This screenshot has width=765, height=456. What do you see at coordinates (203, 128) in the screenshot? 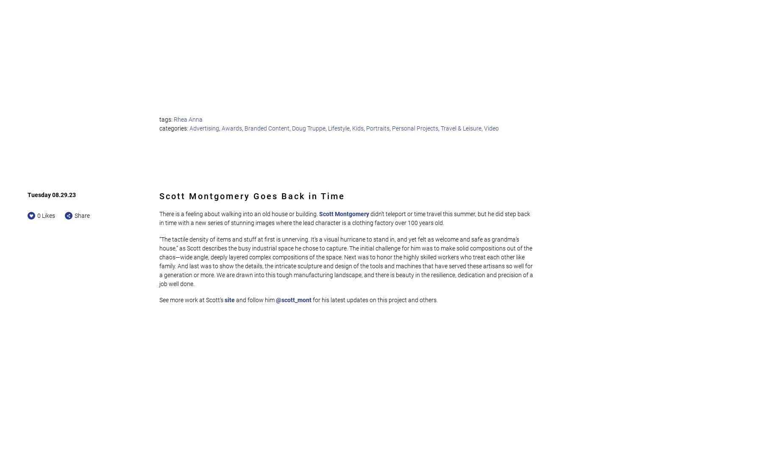
I see `'Advertising'` at bounding box center [203, 128].